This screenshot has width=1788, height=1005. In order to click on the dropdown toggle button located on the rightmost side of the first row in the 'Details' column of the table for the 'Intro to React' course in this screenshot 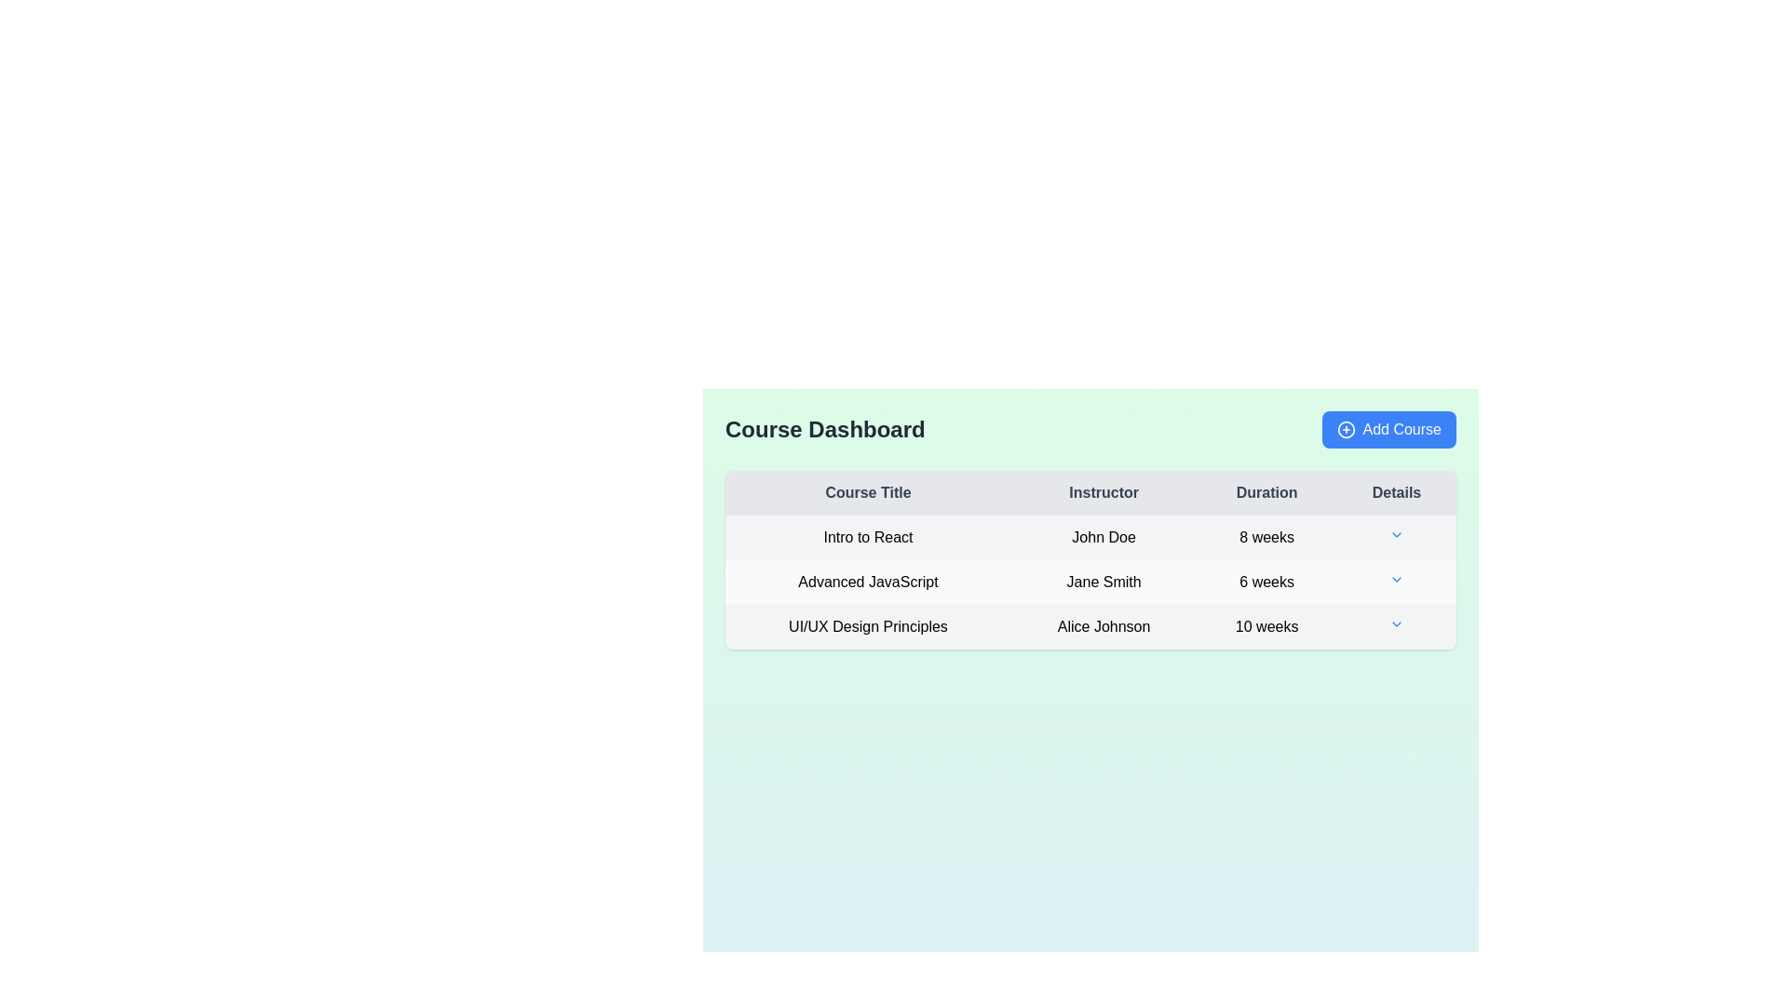, I will do `click(1396, 534)`.